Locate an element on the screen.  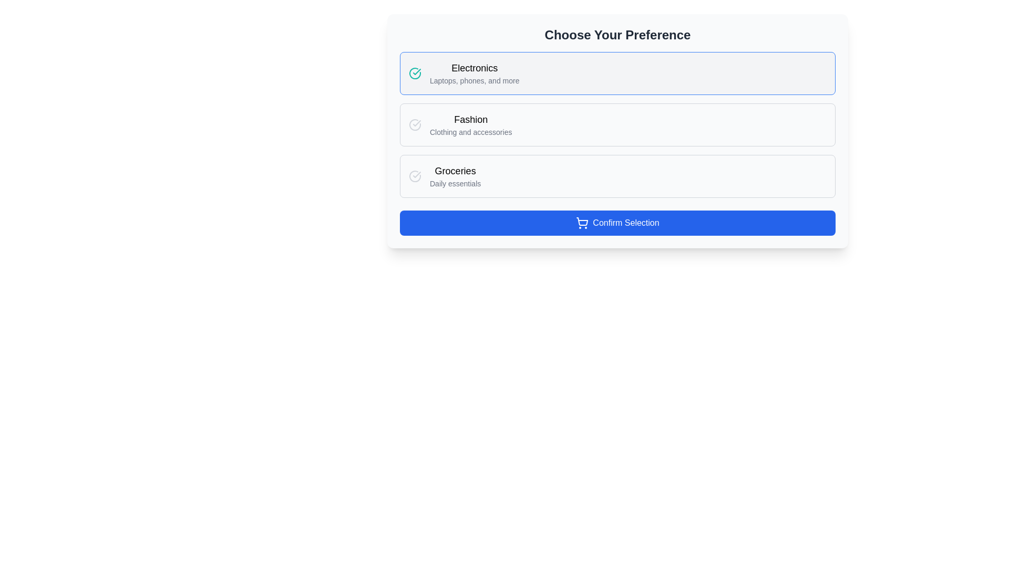
keyboard navigation is located at coordinates (470, 124).